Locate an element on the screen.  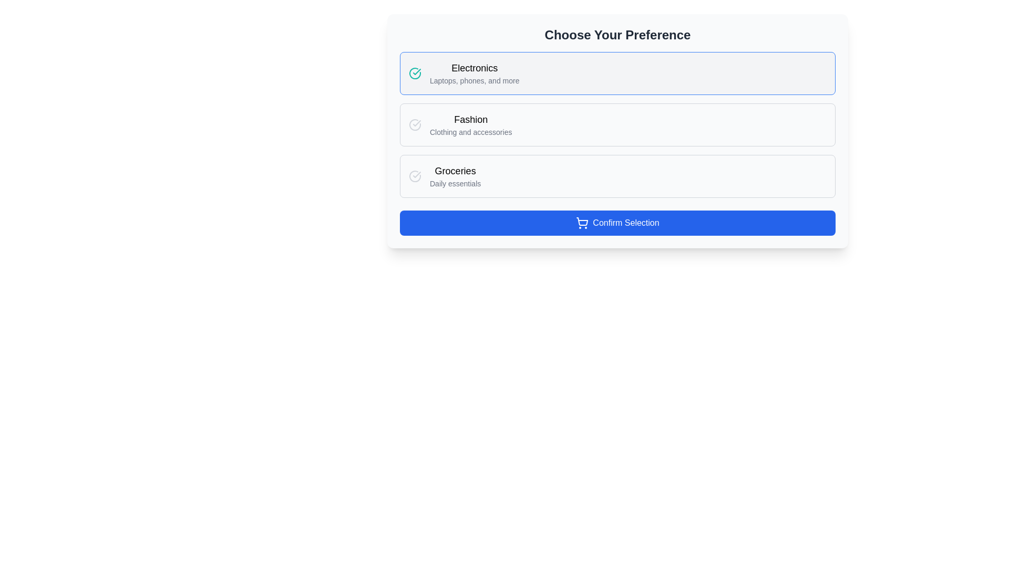
keyboard navigation is located at coordinates (470, 124).